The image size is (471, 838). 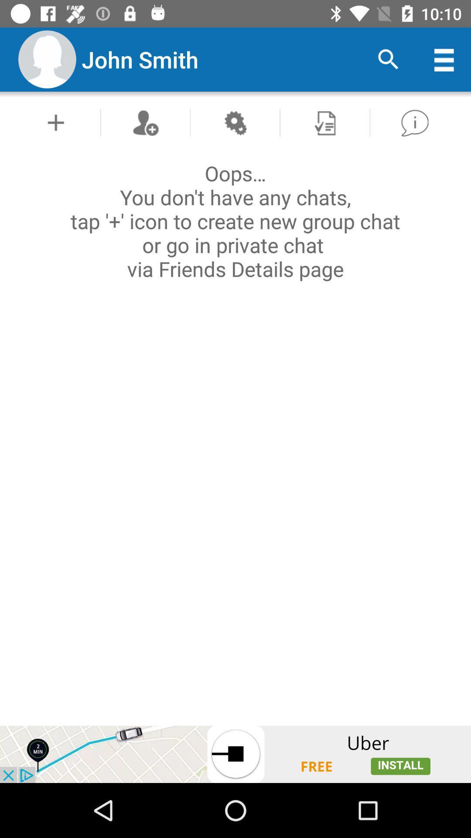 What do you see at coordinates (145, 122) in the screenshot?
I see `new chat` at bounding box center [145, 122].